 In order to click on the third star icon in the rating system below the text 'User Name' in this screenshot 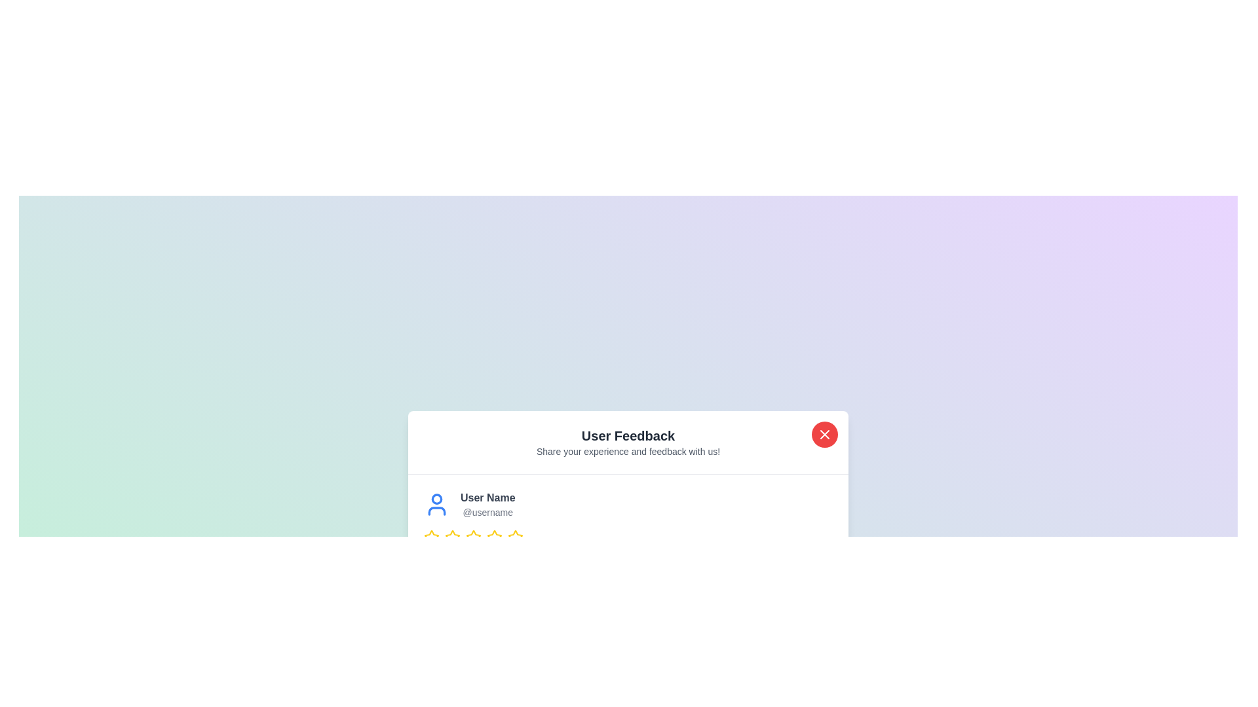, I will do `click(453, 537)`.